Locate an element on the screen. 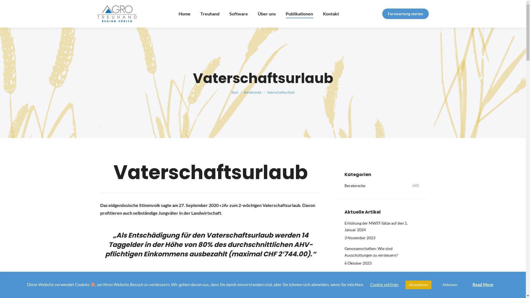  'Home' is located at coordinates (184, 14).